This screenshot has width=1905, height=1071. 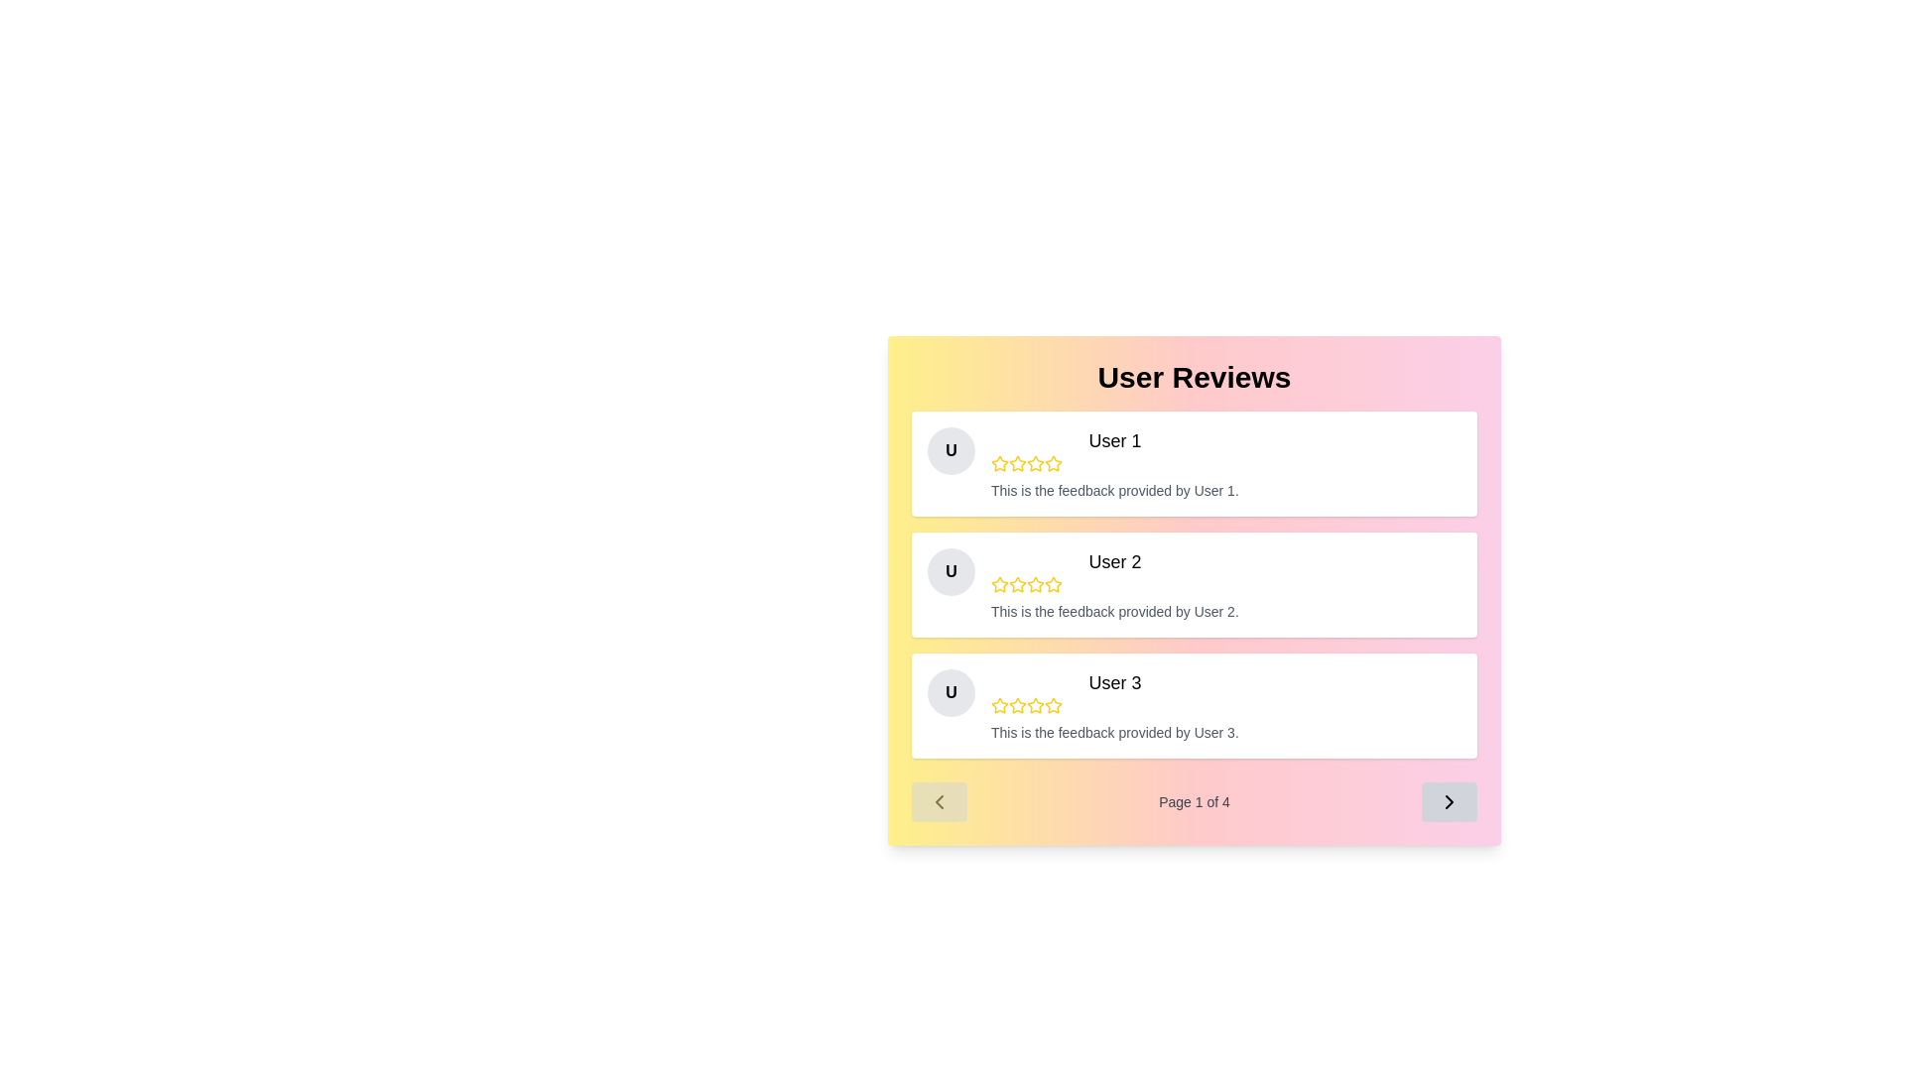 What do you see at coordinates (1194, 801) in the screenshot?
I see `text from the Pagination page indicator located at the bottom of the user feedback section, which displays the current page number in the format 'Page X of Y'` at bounding box center [1194, 801].